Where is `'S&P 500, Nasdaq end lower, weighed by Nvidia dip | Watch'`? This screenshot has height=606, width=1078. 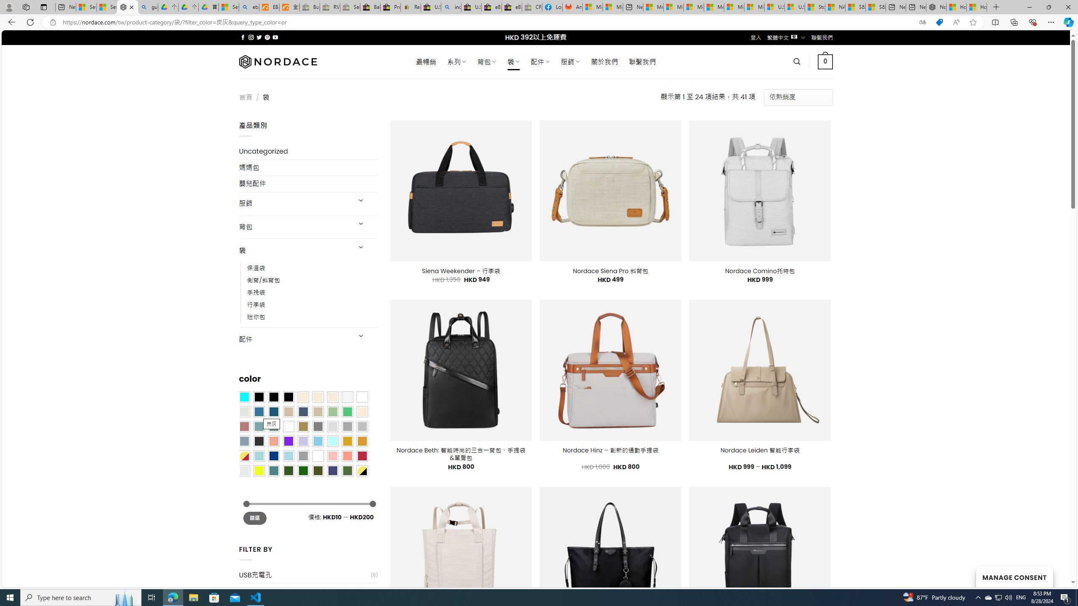 'S&P 500, Nasdaq end lower, weighed by Nvidia dip | Watch' is located at coordinates (875, 7).